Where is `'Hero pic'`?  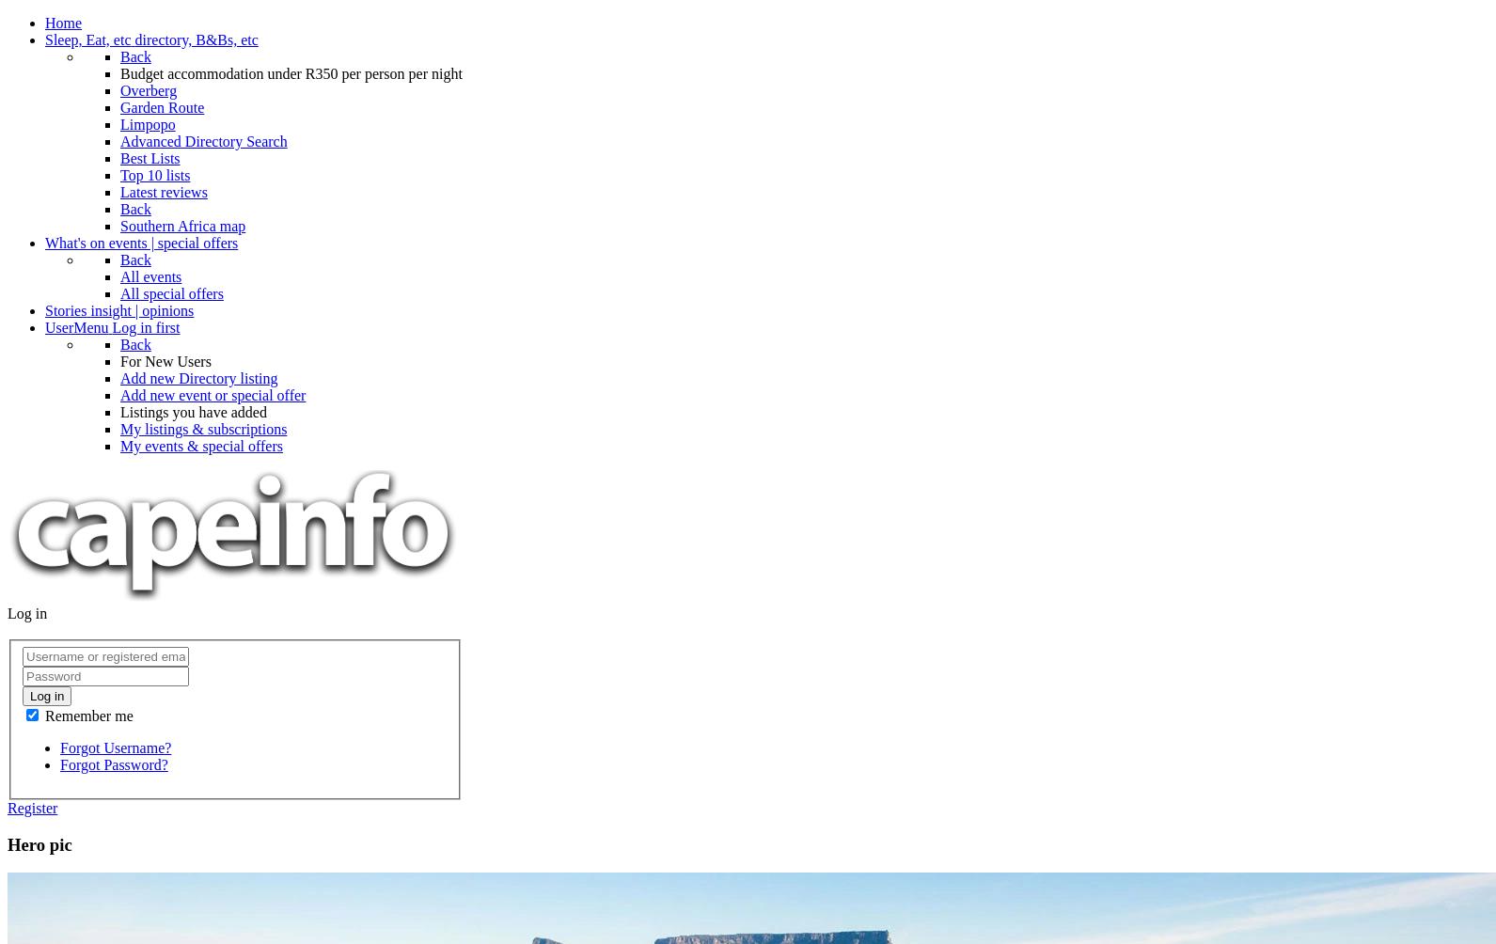
'Hero pic' is located at coordinates (39, 842).